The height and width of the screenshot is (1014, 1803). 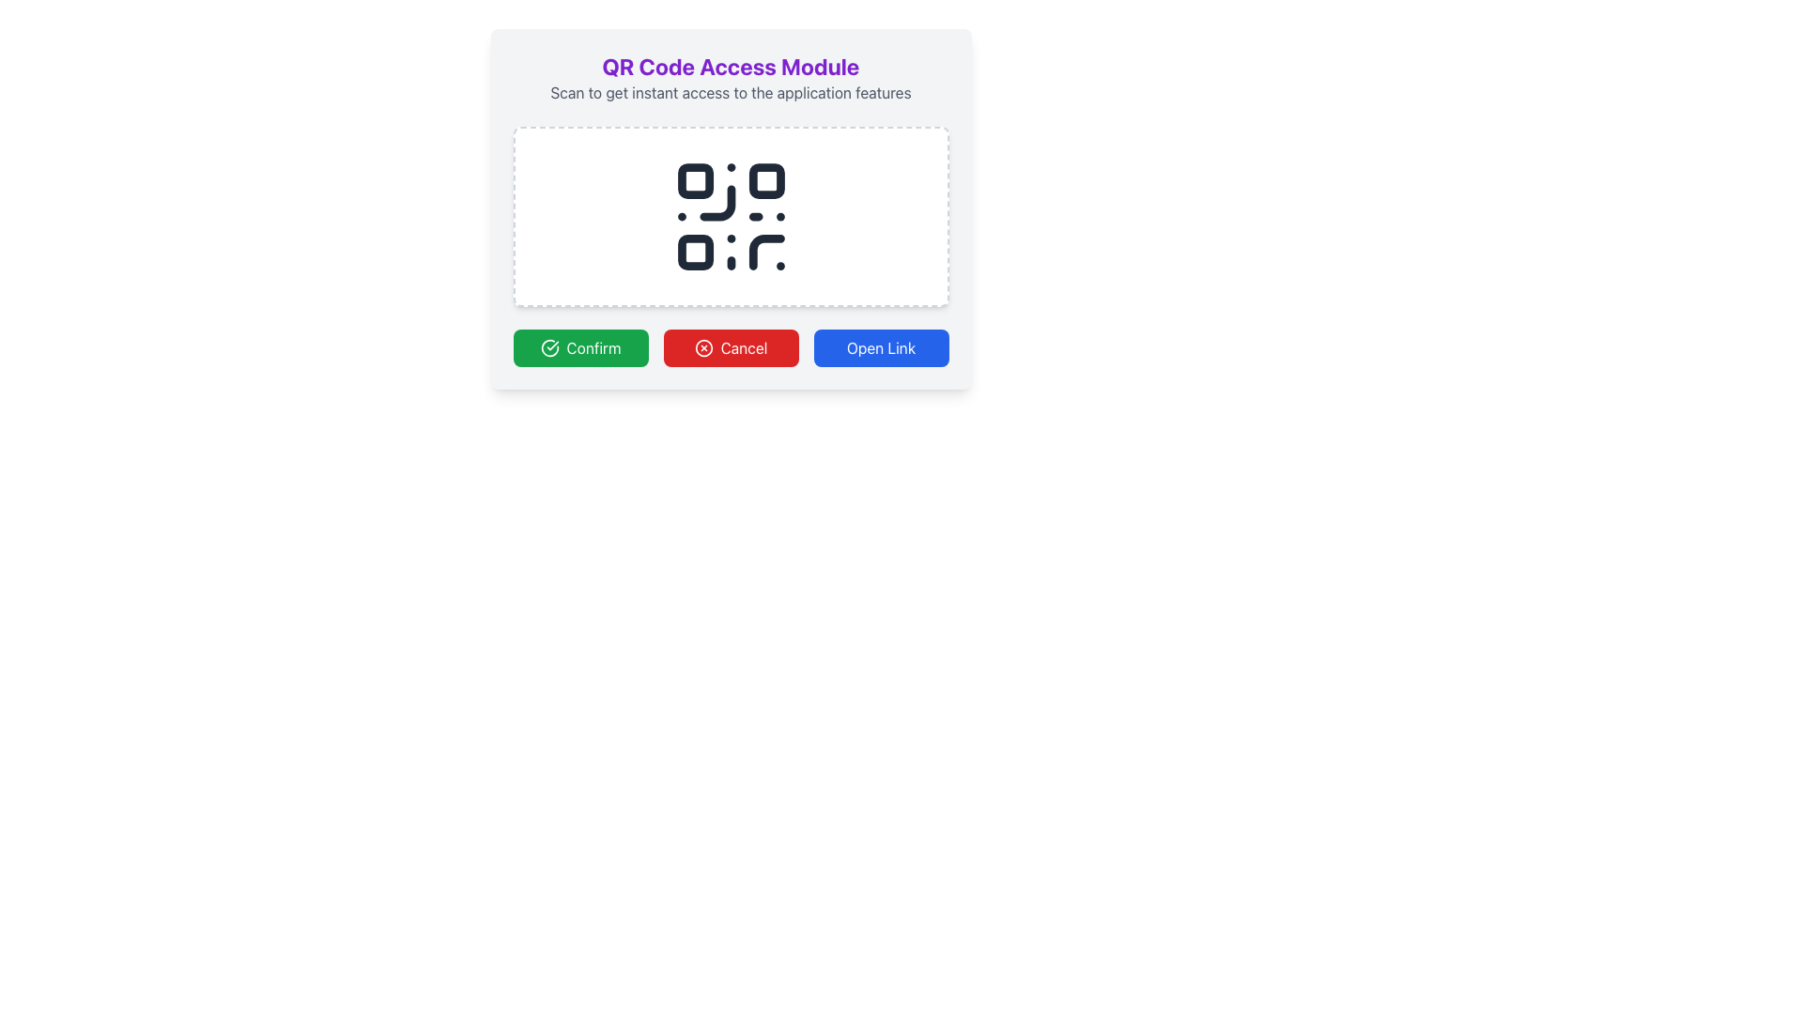 What do you see at coordinates (730, 65) in the screenshot?
I see `the header text element labeled 'QR Code Access Module', which serves as the title for the module` at bounding box center [730, 65].